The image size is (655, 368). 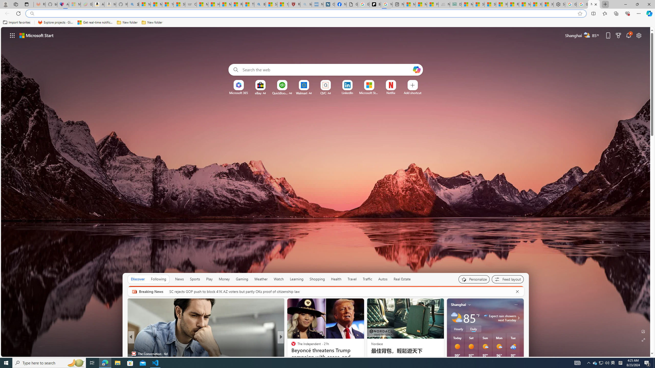 What do you see at coordinates (456, 318) in the screenshot?
I see `'Partly cloudy'` at bounding box center [456, 318].